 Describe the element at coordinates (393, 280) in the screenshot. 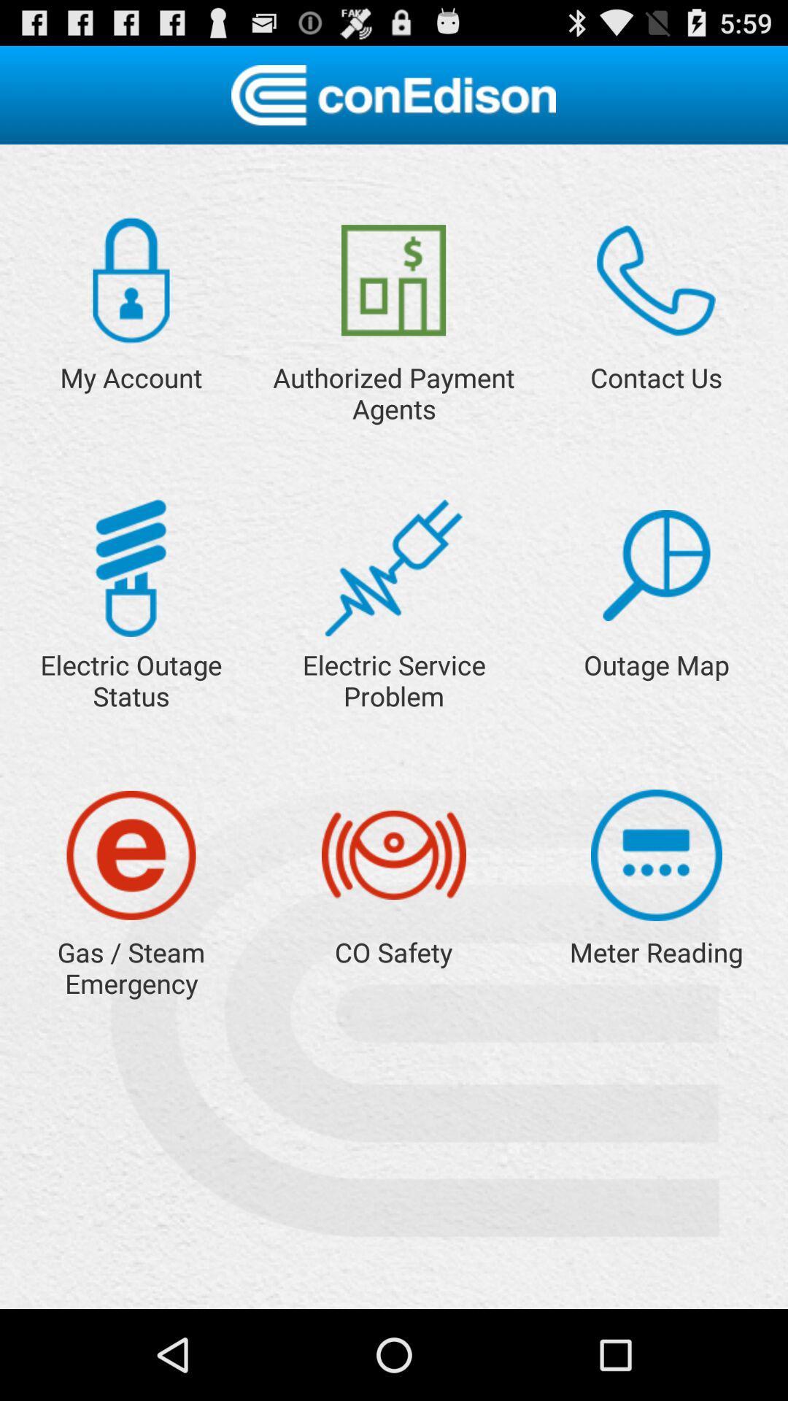

I see `search authorized payment agents` at that location.